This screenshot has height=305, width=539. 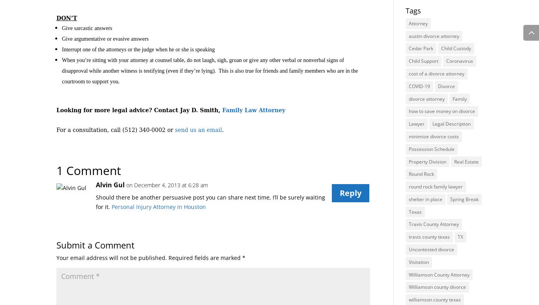 I want to click on 'Uncontested divorce', so click(x=430, y=249).